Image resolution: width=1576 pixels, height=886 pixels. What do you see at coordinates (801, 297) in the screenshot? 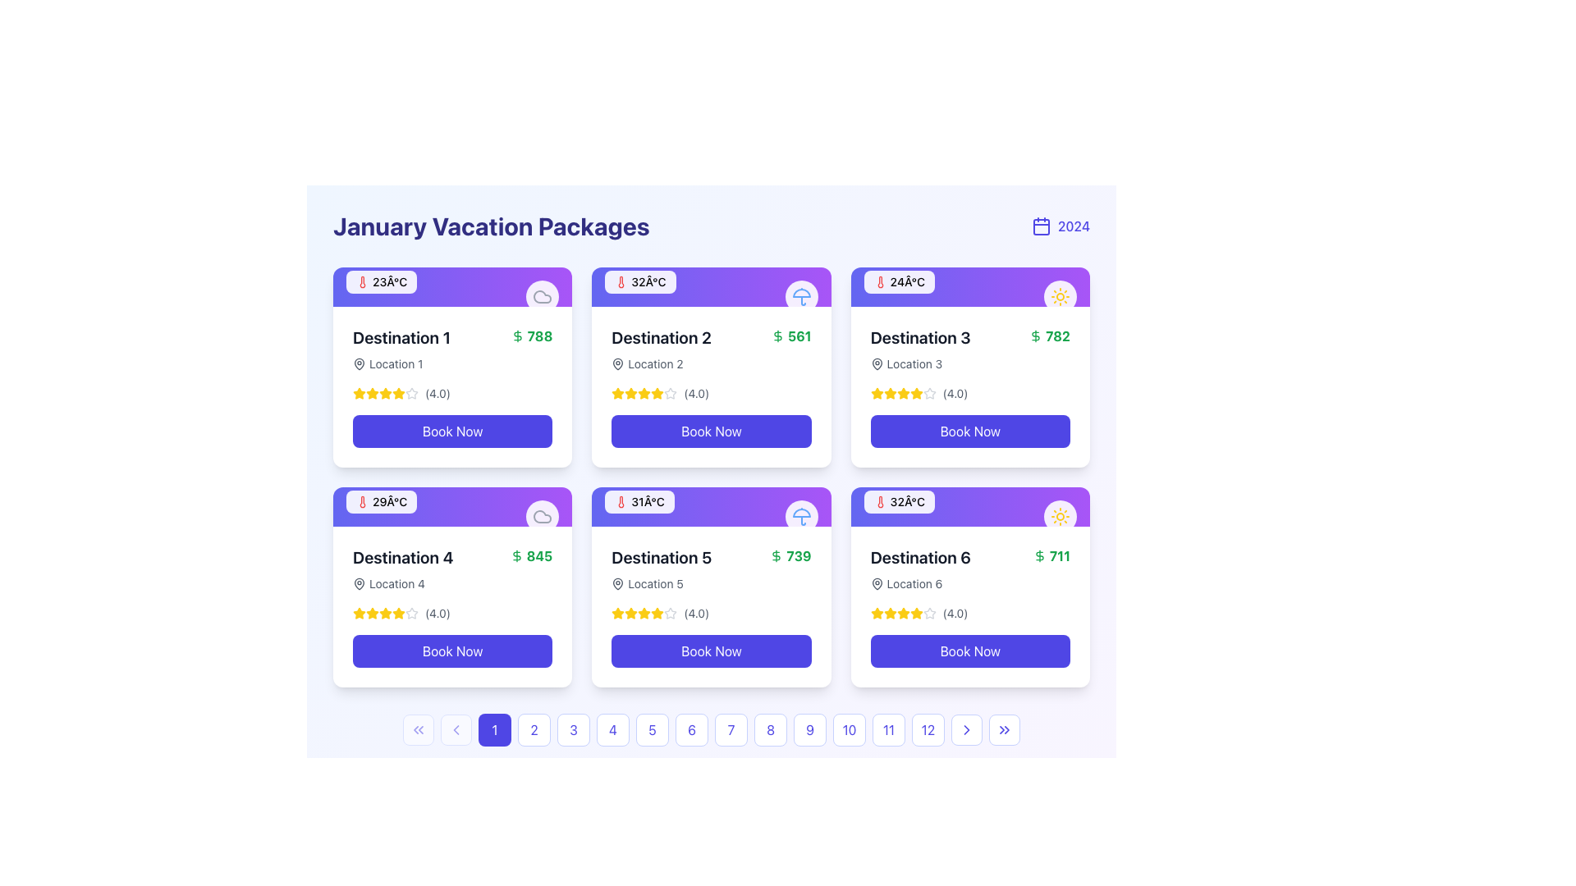
I see `the weather conditions icon located in the top-right corner of the 'Destination 2' card, which indicates weather conditions with an umbrella icon` at bounding box center [801, 297].